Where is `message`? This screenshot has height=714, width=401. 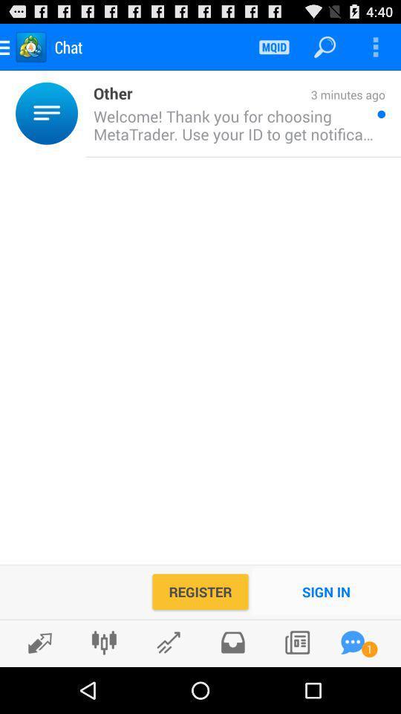 message is located at coordinates (352, 642).